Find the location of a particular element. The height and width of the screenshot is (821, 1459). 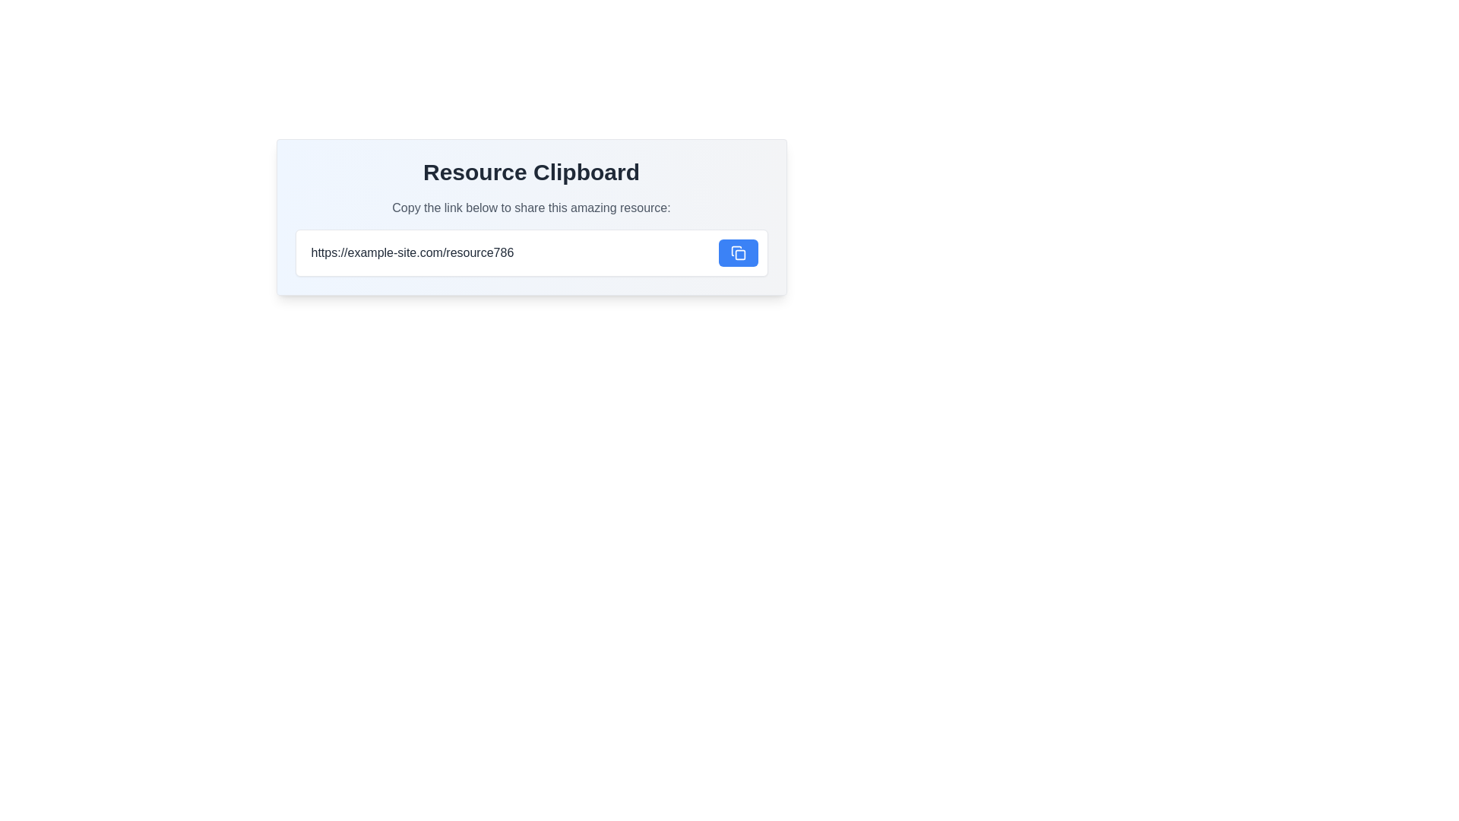

the rectangular text input field containing 'https://example-site.com/resource786' to focus on it is located at coordinates (508, 252).